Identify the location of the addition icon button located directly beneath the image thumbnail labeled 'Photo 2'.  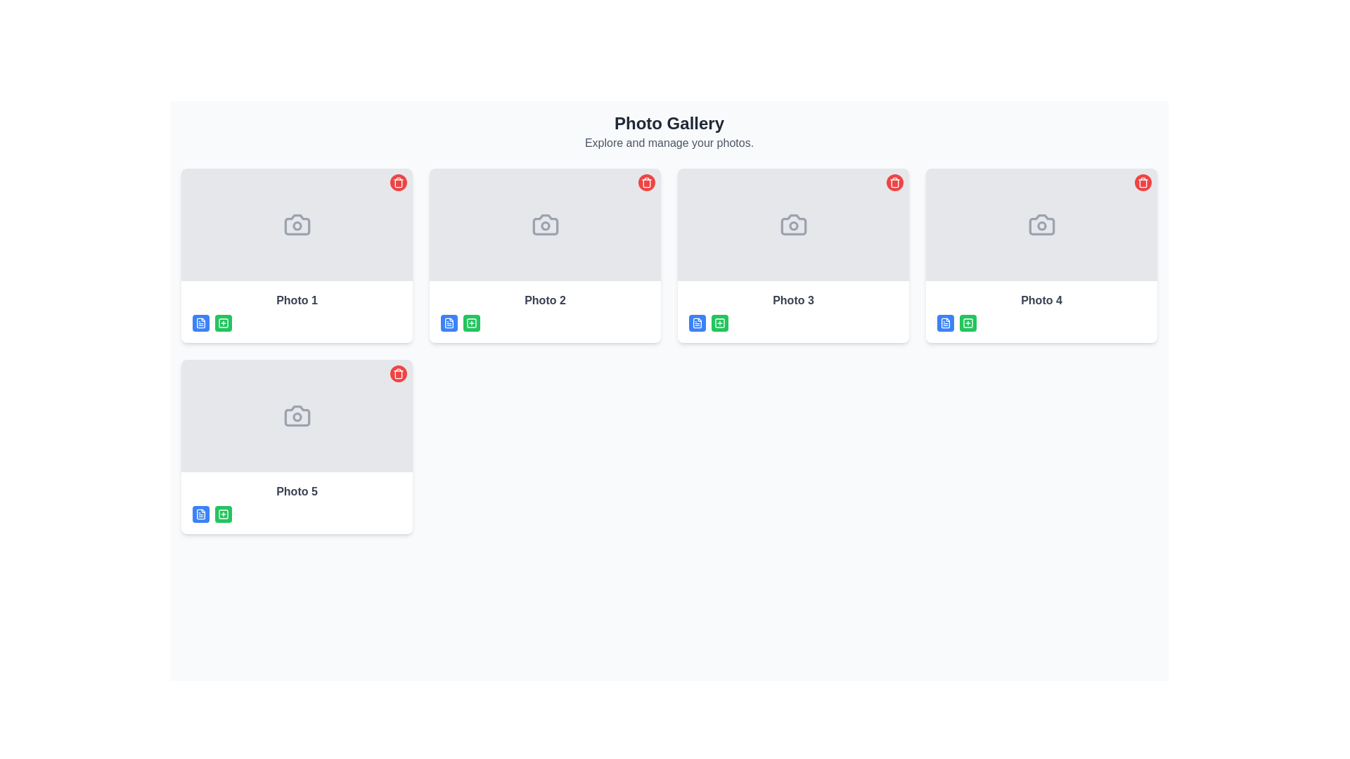
(472, 323).